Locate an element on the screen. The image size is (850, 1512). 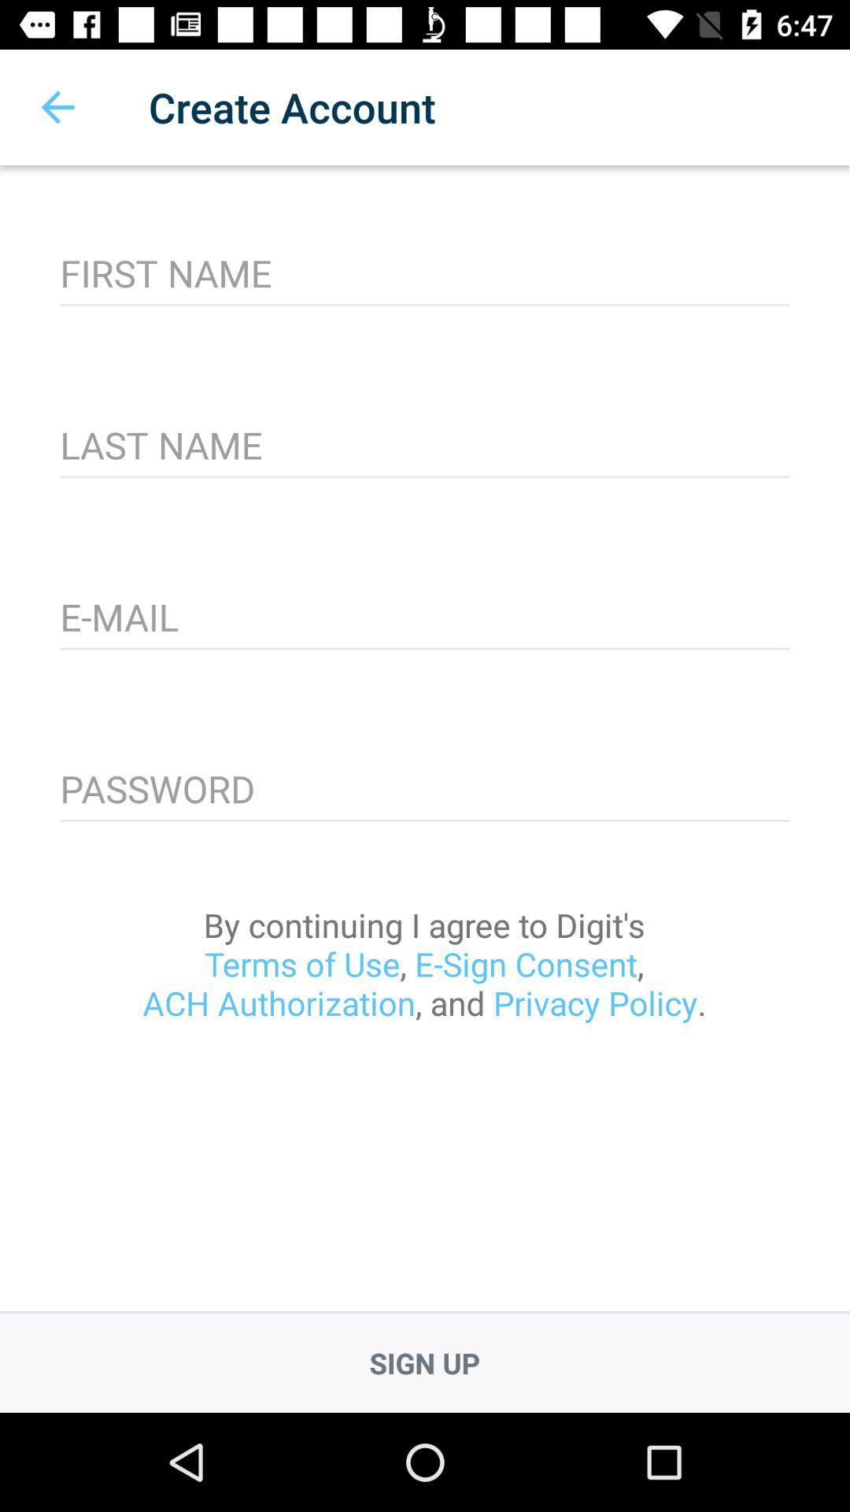
the item to the left of create account icon is located at coordinates (57, 106).